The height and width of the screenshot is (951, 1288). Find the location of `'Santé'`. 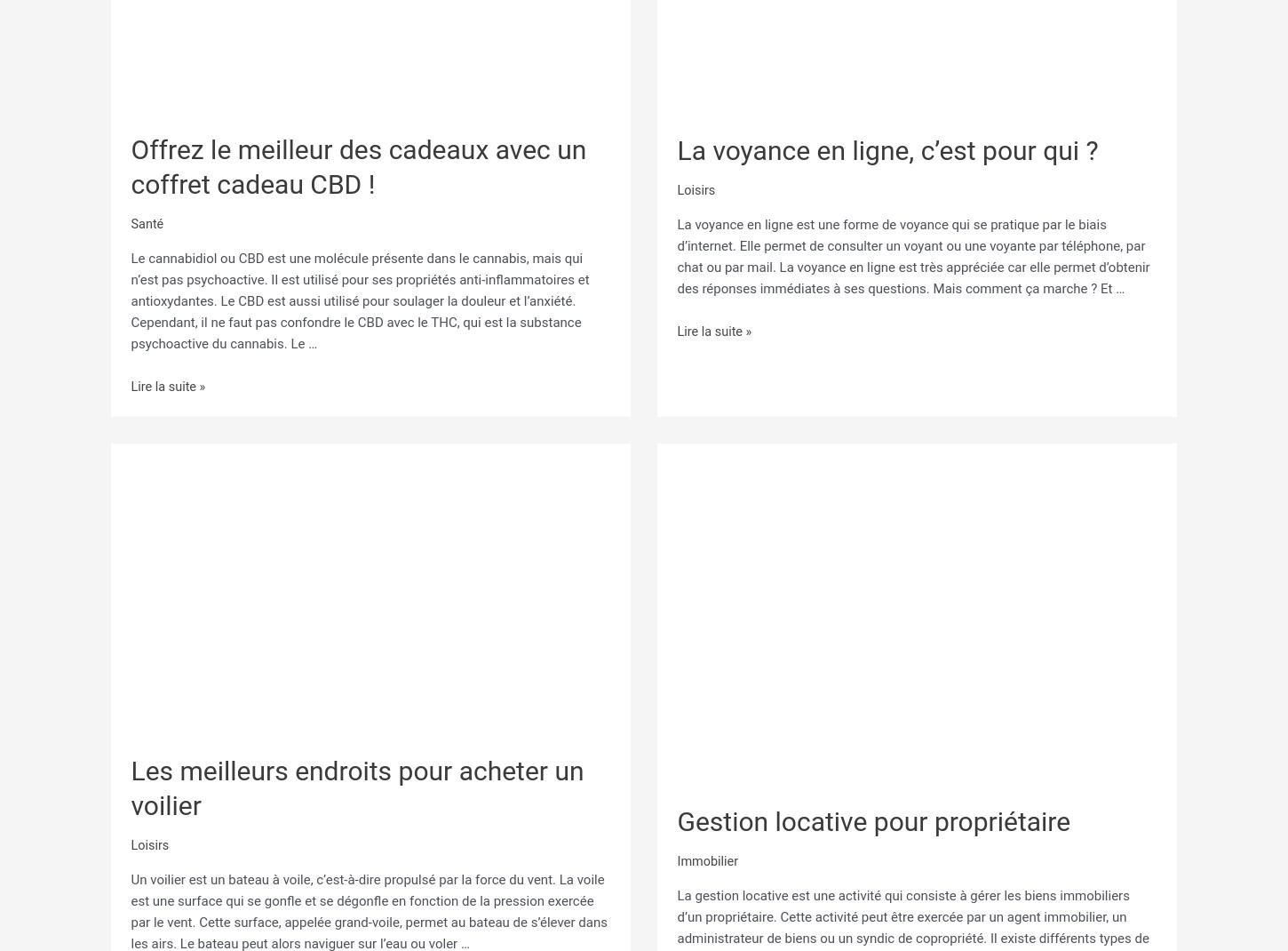

'Santé' is located at coordinates (130, 220).